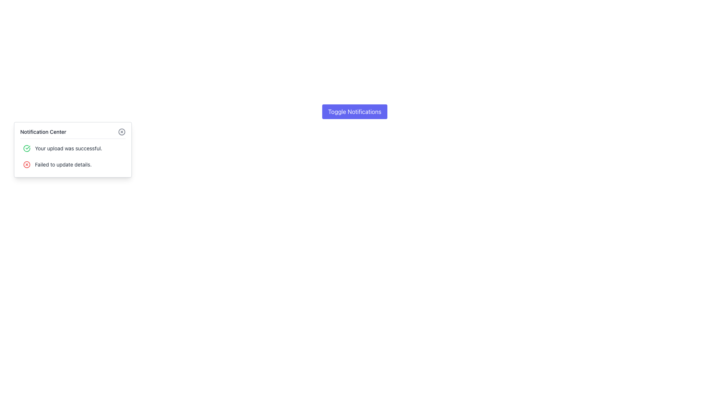 The height and width of the screenshot is (397, 707). What do you see at coordinates (27, 149) in the screenshot?
I see `the green circular icon with a checkmark next to the notification 'Your upload was successful.'` at bounding box center [27, 149].